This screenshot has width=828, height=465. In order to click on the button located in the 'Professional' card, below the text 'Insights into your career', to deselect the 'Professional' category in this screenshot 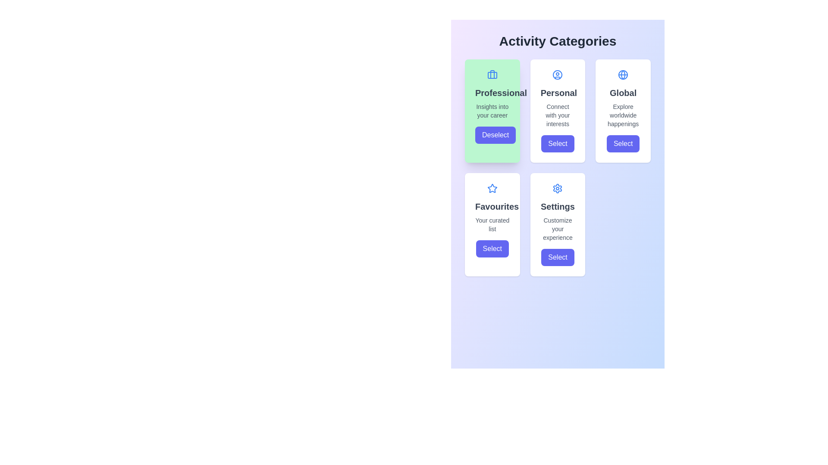, I will do `click(496, 135)`.